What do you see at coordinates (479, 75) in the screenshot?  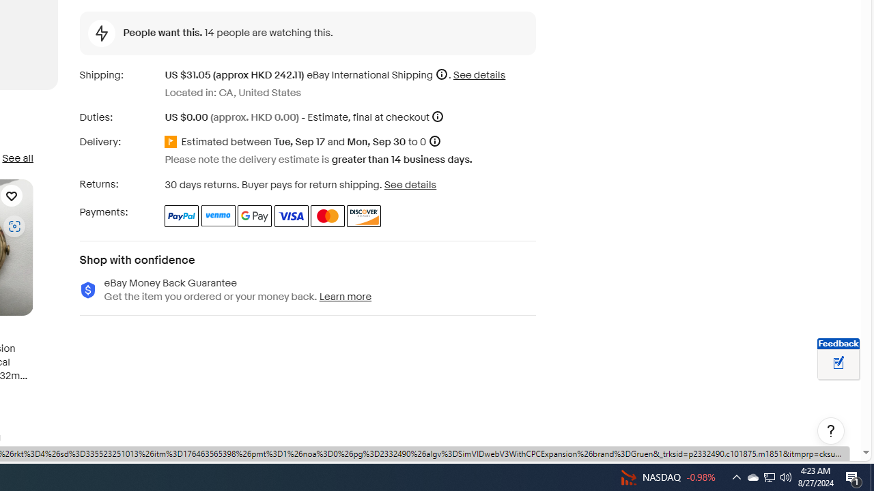 I see `'See details for shipping'` at bounding box center [479, 75].